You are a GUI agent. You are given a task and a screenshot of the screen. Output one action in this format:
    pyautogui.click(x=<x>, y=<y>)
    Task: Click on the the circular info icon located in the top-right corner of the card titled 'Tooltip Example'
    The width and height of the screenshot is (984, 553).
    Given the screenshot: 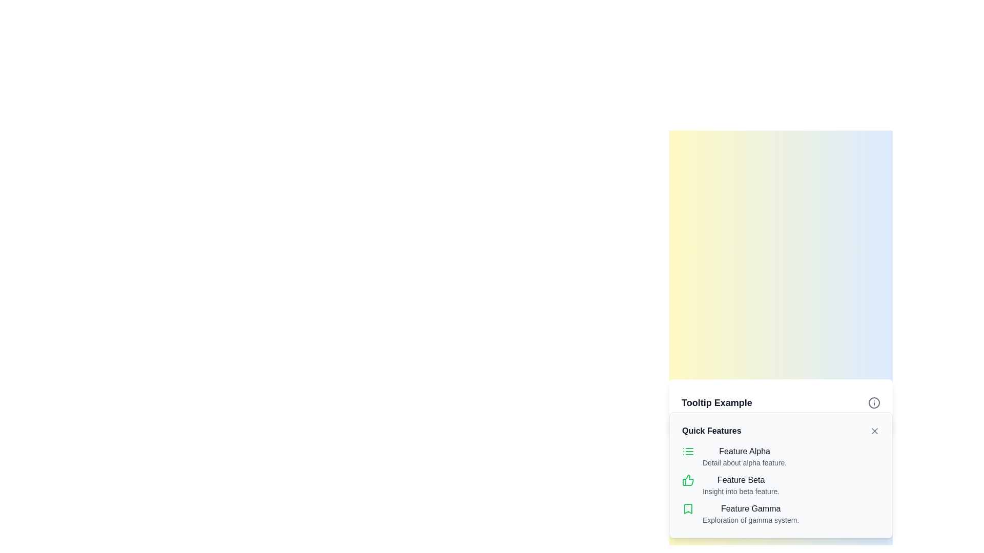 What is the action you would take?
    pyautogui.click(x=873, y=402)
    